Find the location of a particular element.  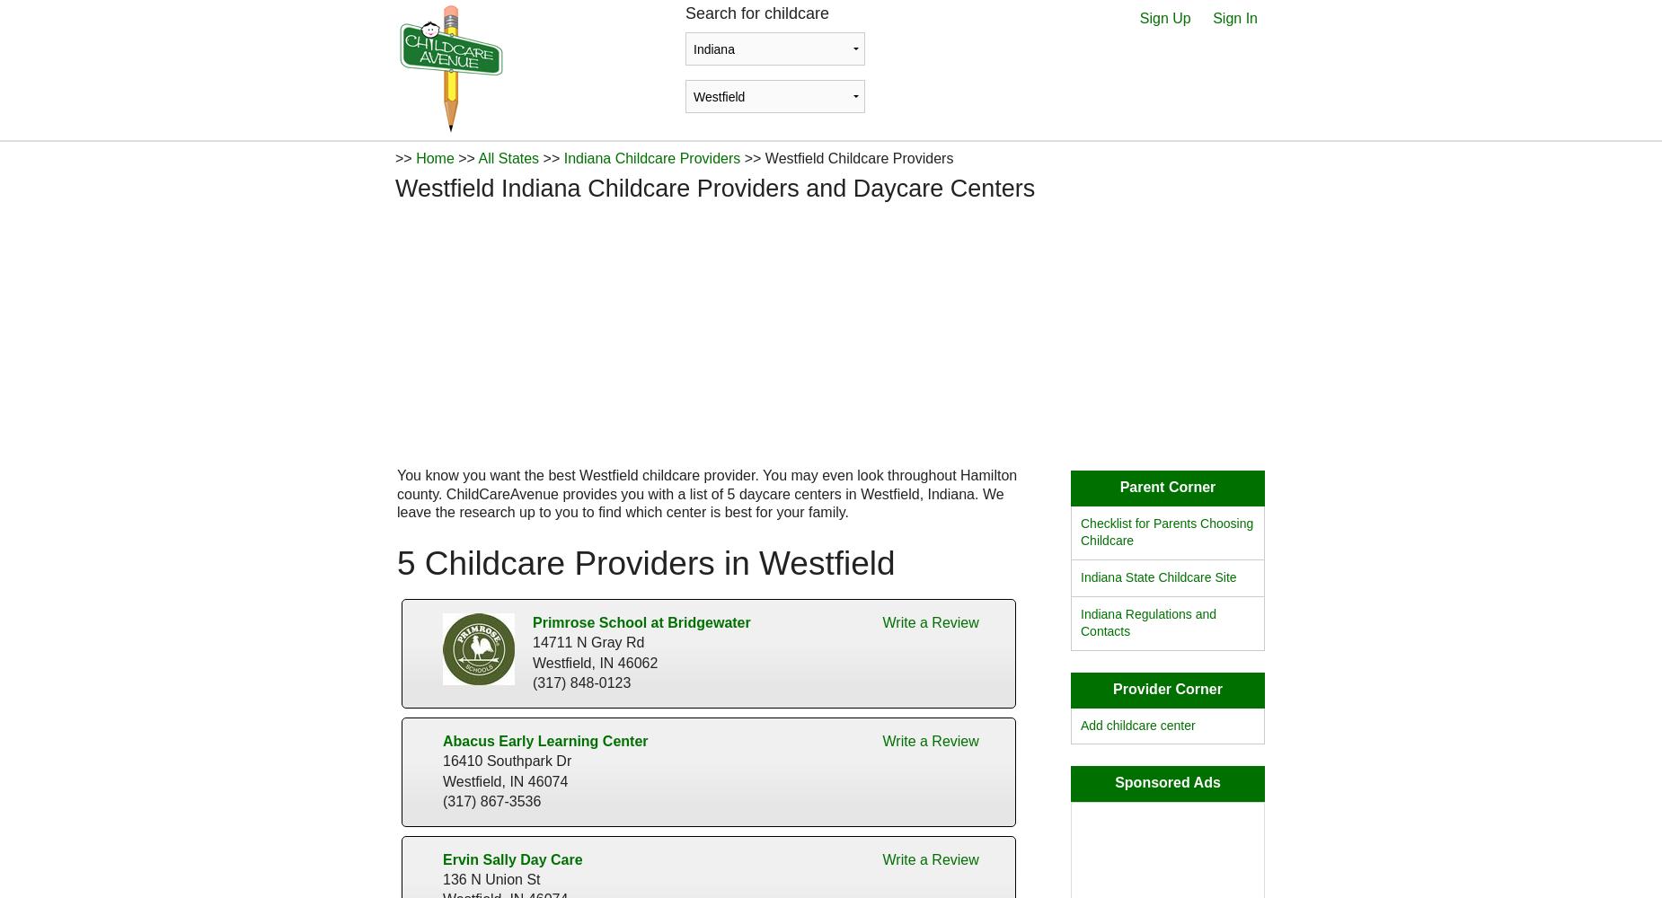

'By registering on this site, you agree to the' is located at coordinates (709, 397).